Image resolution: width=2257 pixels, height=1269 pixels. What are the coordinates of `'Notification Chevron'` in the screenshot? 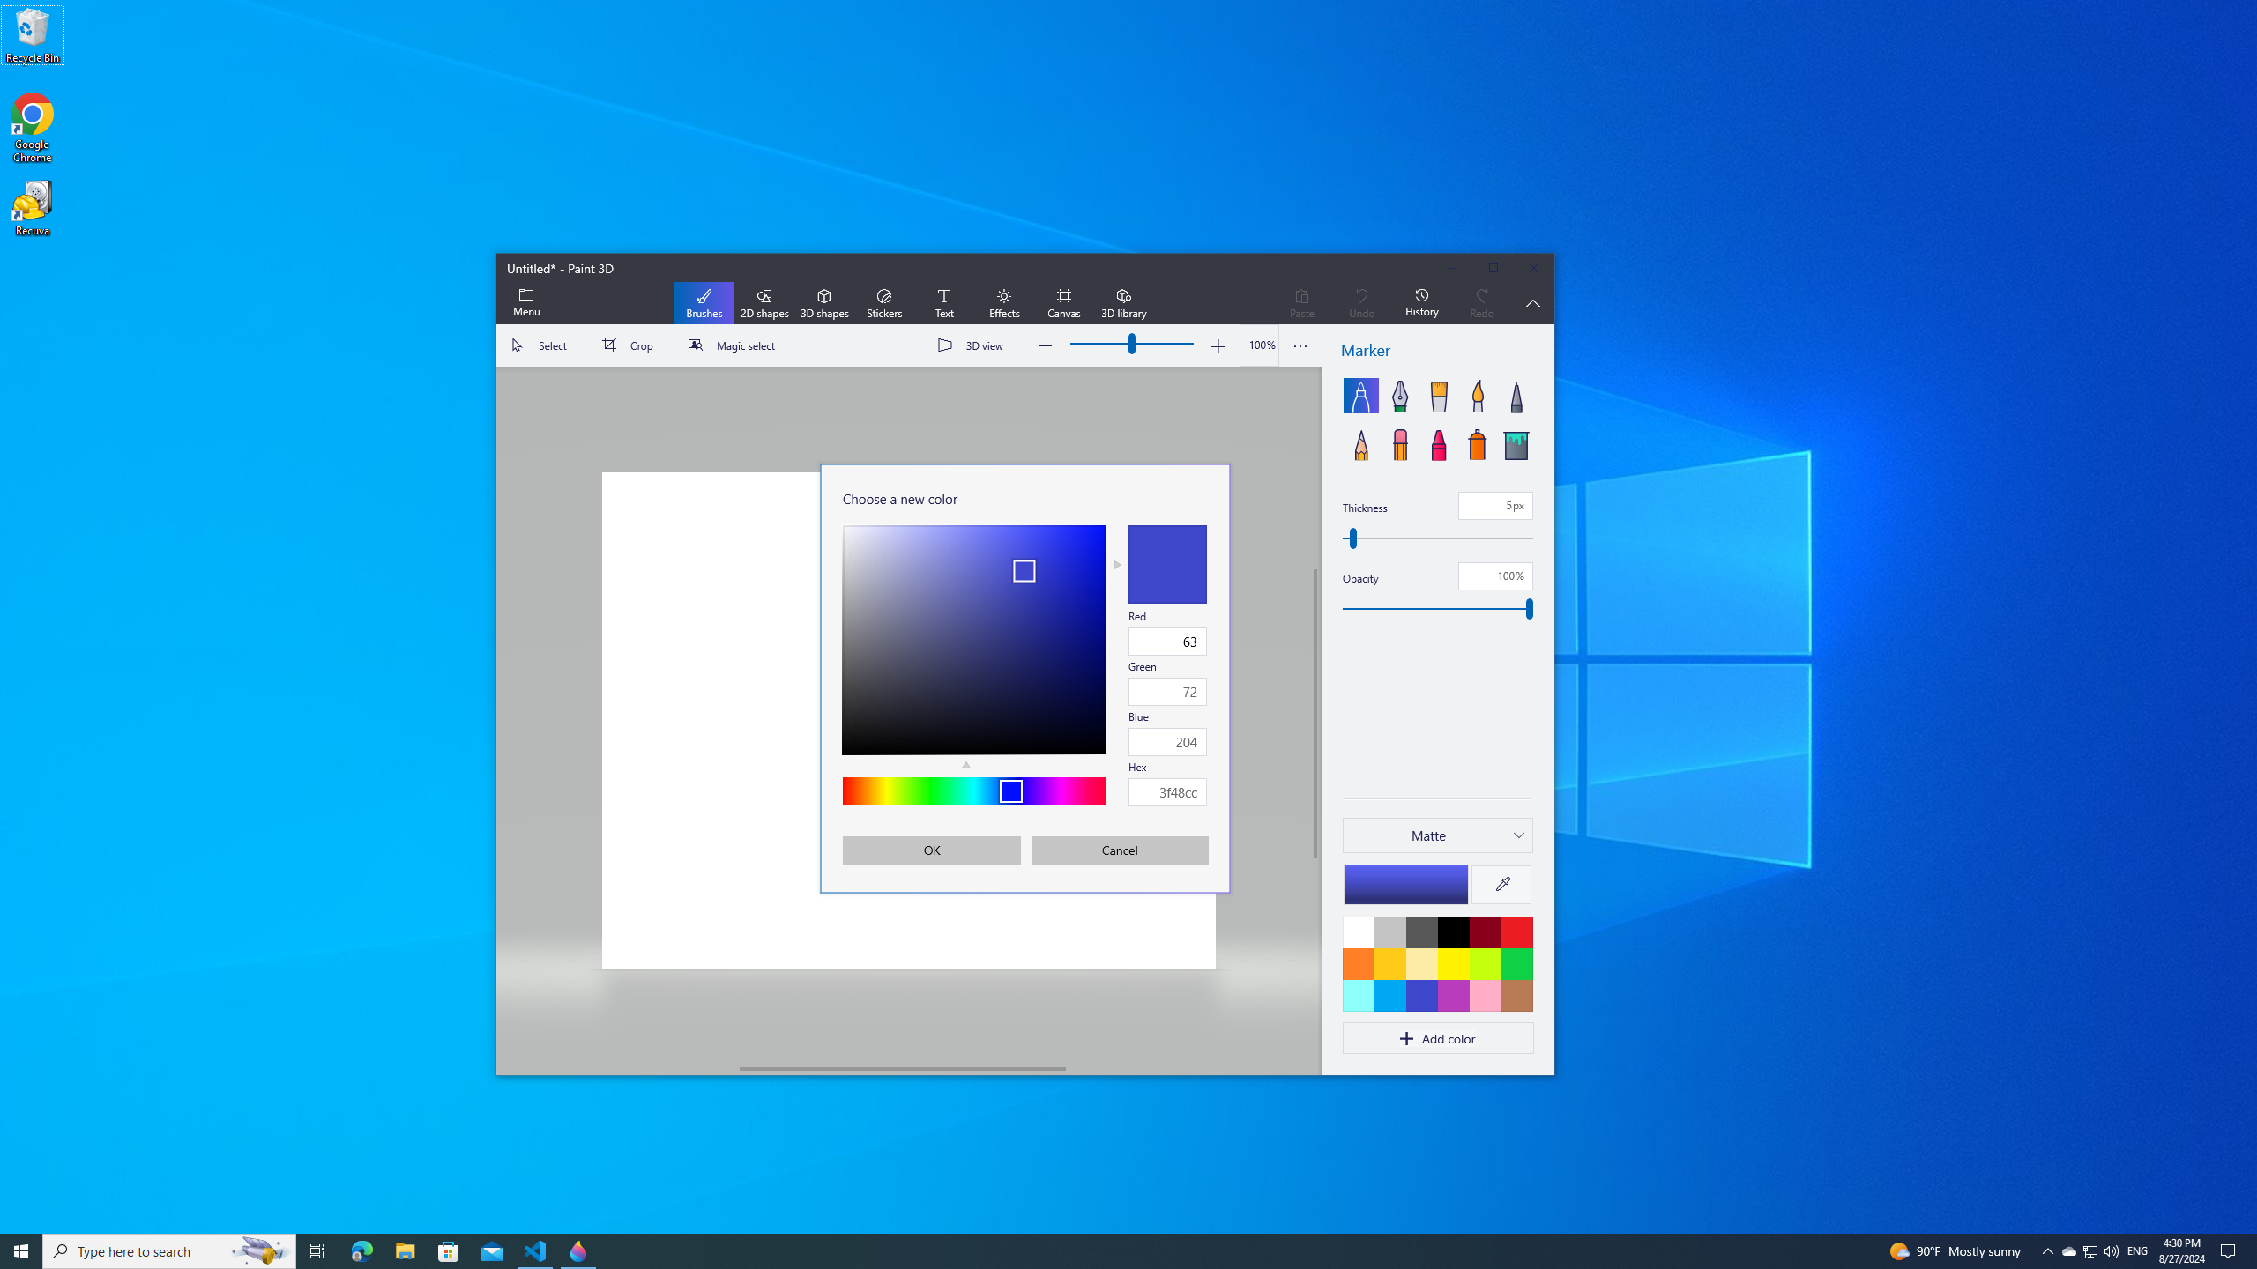 It's located at (2048, 1250).